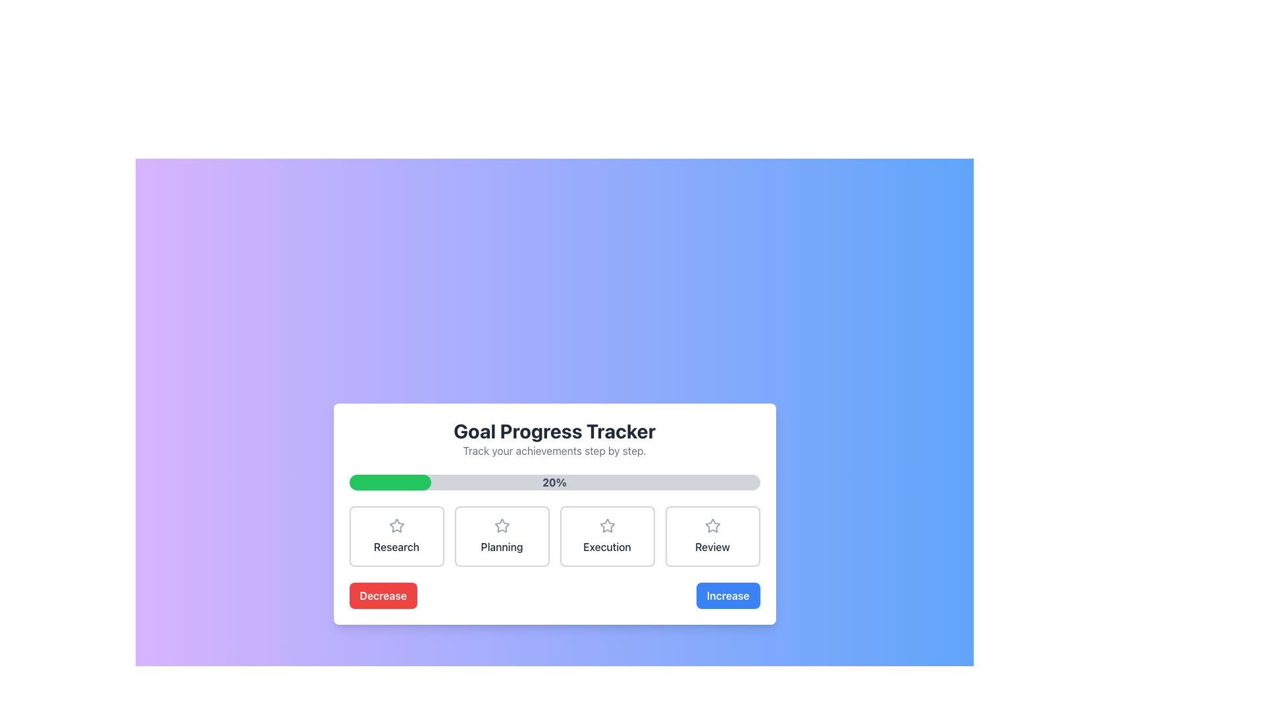 This screenshot has height=711, width=1264. What do you see at coordinates (727, 596) in the screenshot?
I see `the 'Increase' button located at the bottom-right corner of the 'Goal Progress Tracker' interface to change its visual state` at bounding box center [727, 596].